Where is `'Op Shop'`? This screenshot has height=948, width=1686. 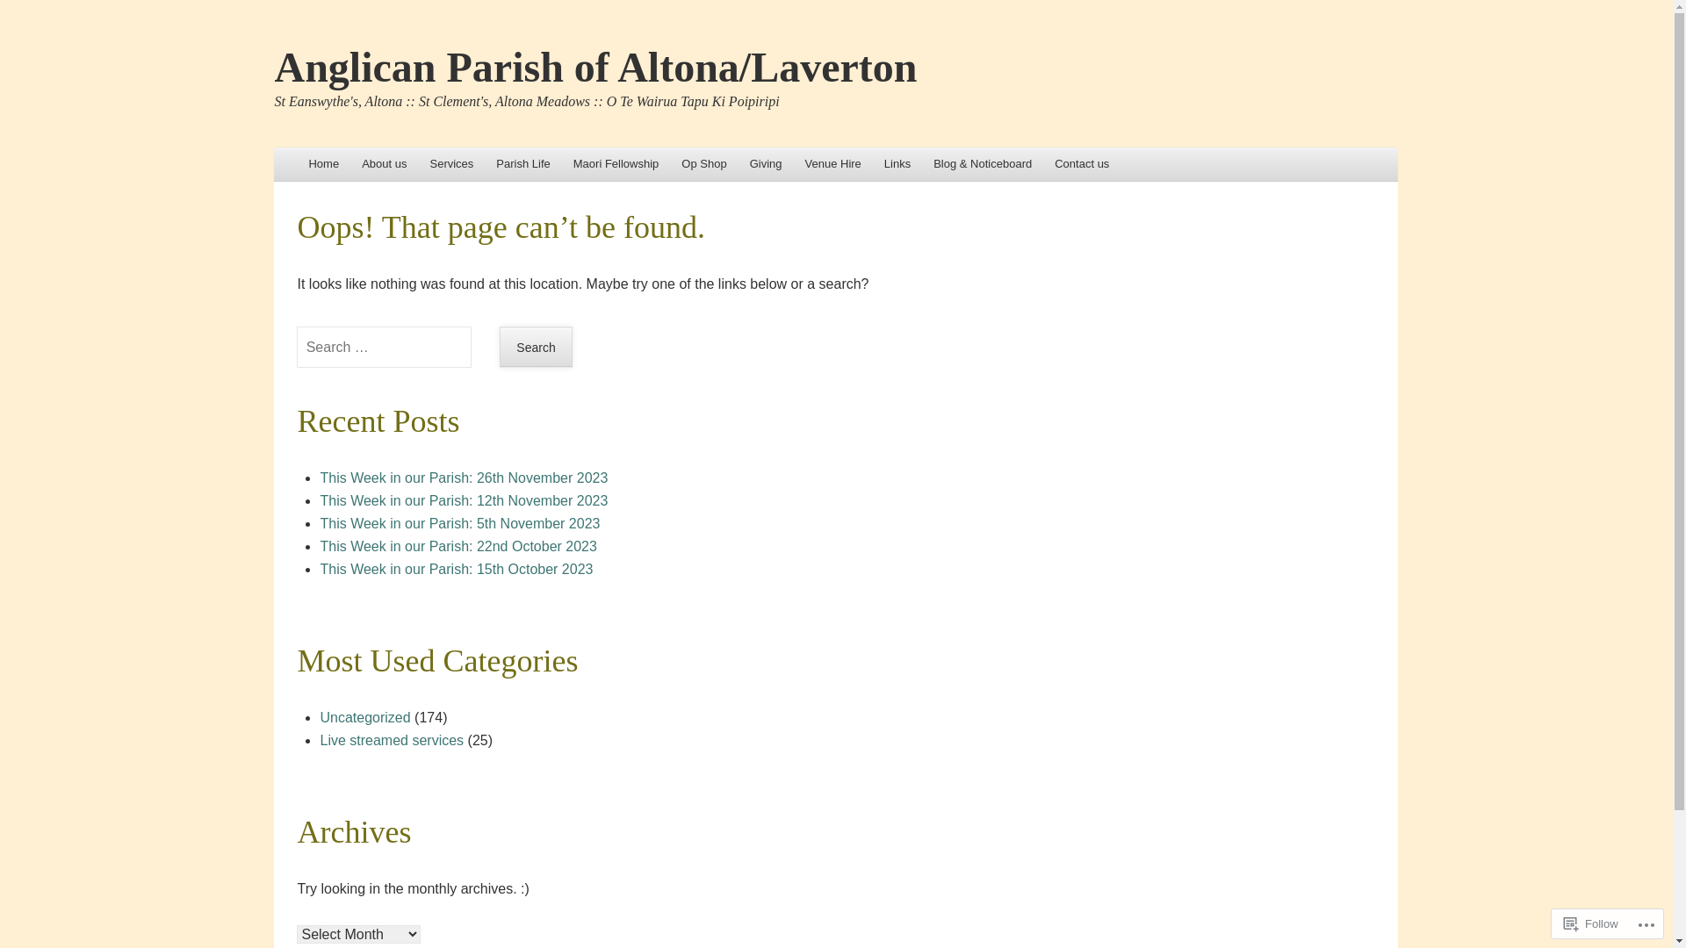 'Op Shop' is located at coordinates (703, 164).